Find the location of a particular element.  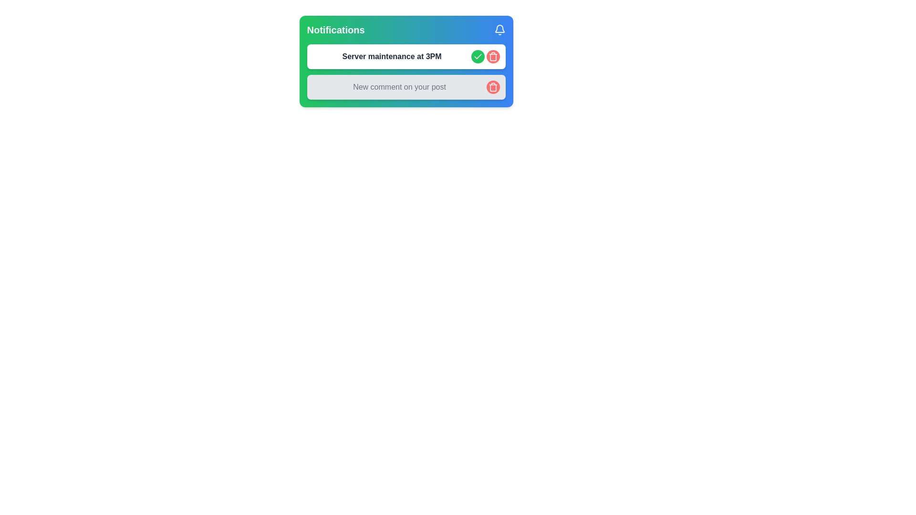

the green circular button containing a checkmark icon located to the right of the notification entry titled 'Server maintenance at 3PM' is located at coordinates (478, 57).